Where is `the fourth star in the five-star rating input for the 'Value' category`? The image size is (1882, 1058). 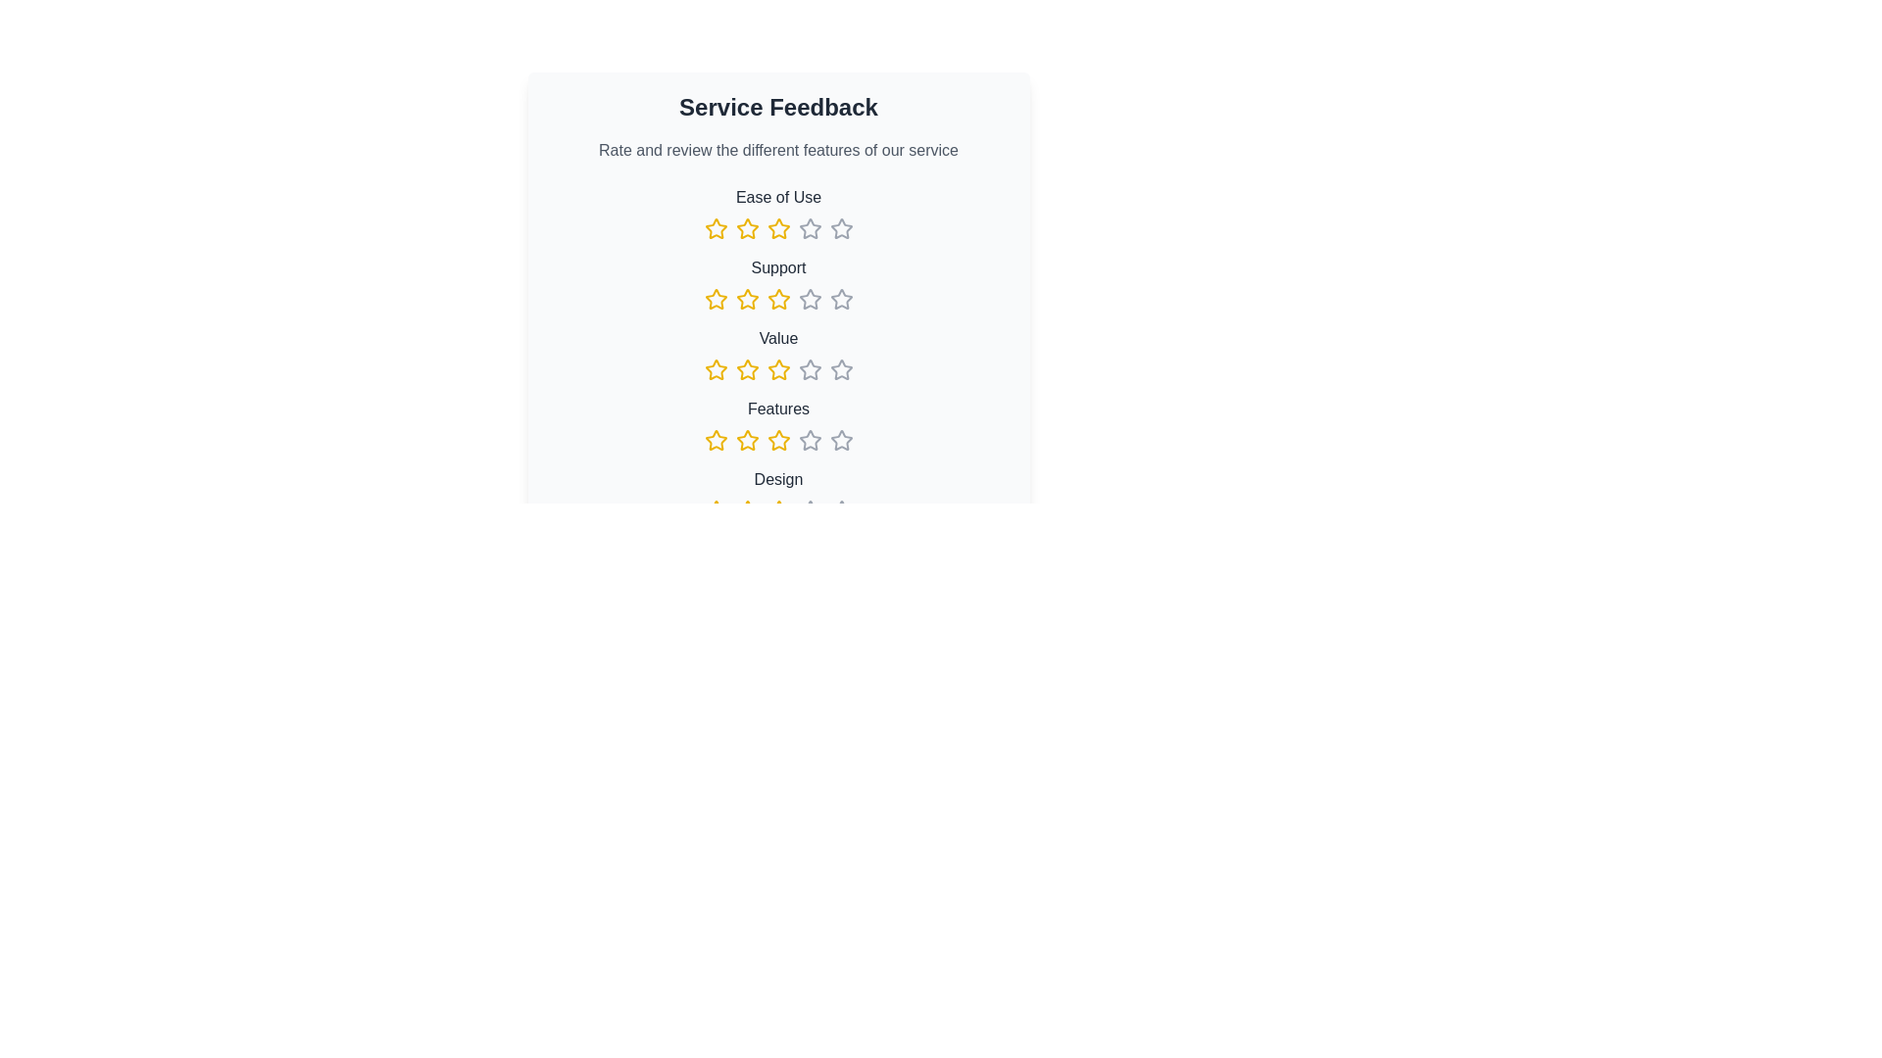 the fourth star in the five-star rating input for the 'Value' category is located at coordinates (841, 369).